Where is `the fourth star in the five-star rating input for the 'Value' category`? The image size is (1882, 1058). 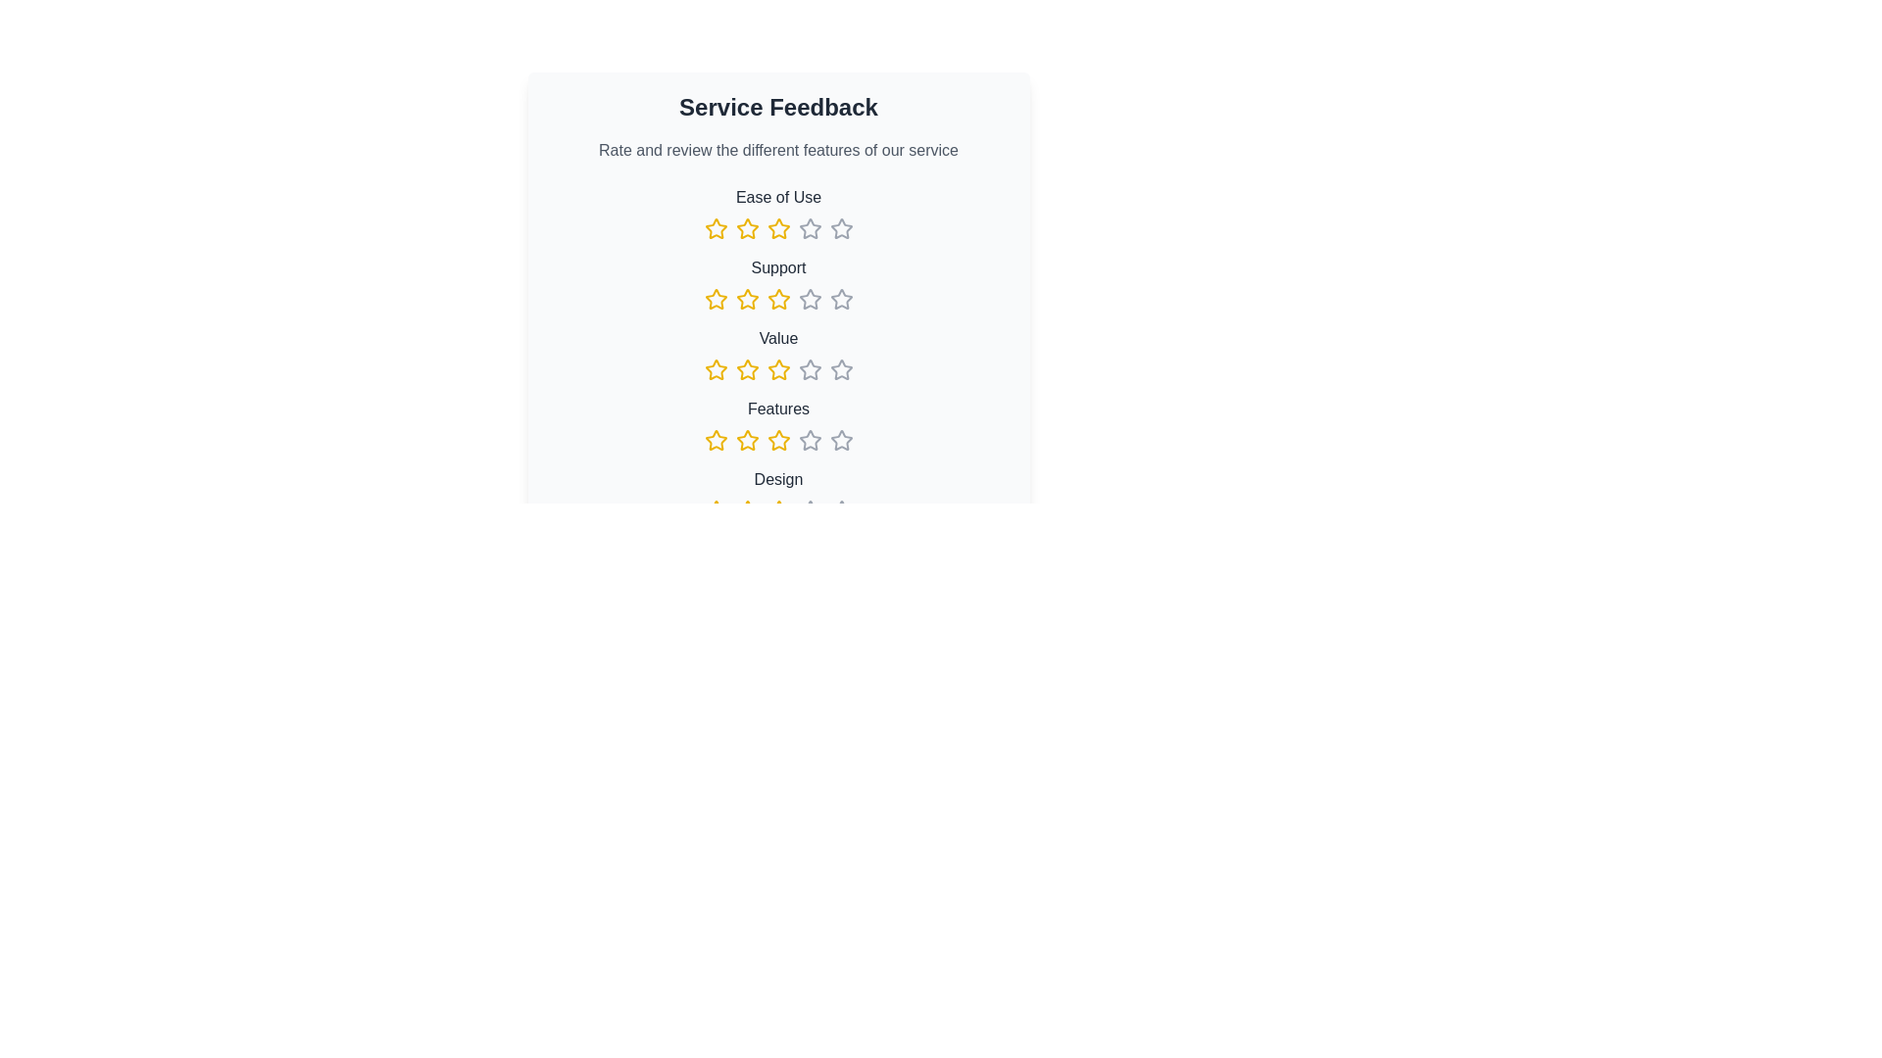 the fourth star in the five-star rating input for the 'Value' category is located at coordinates (841, 369).